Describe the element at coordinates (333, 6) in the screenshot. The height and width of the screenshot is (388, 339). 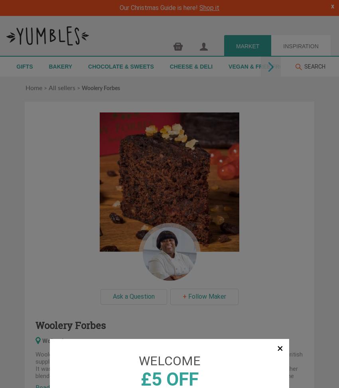
I see `'x'` at that location.